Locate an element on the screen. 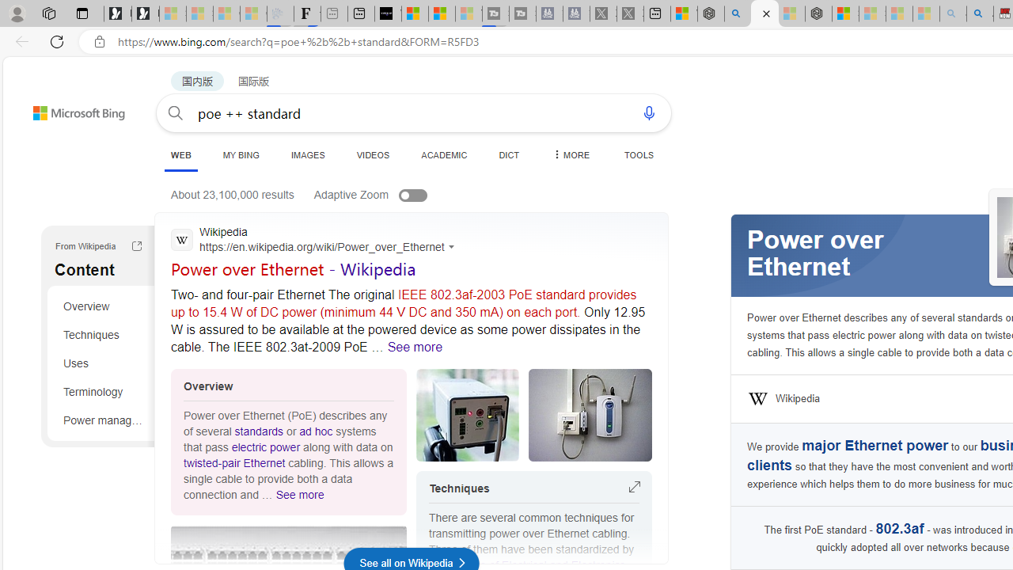 The width and height of the screenshot is (1013, 570). 'Power management features and integration' is located at coordinates (103, 419).